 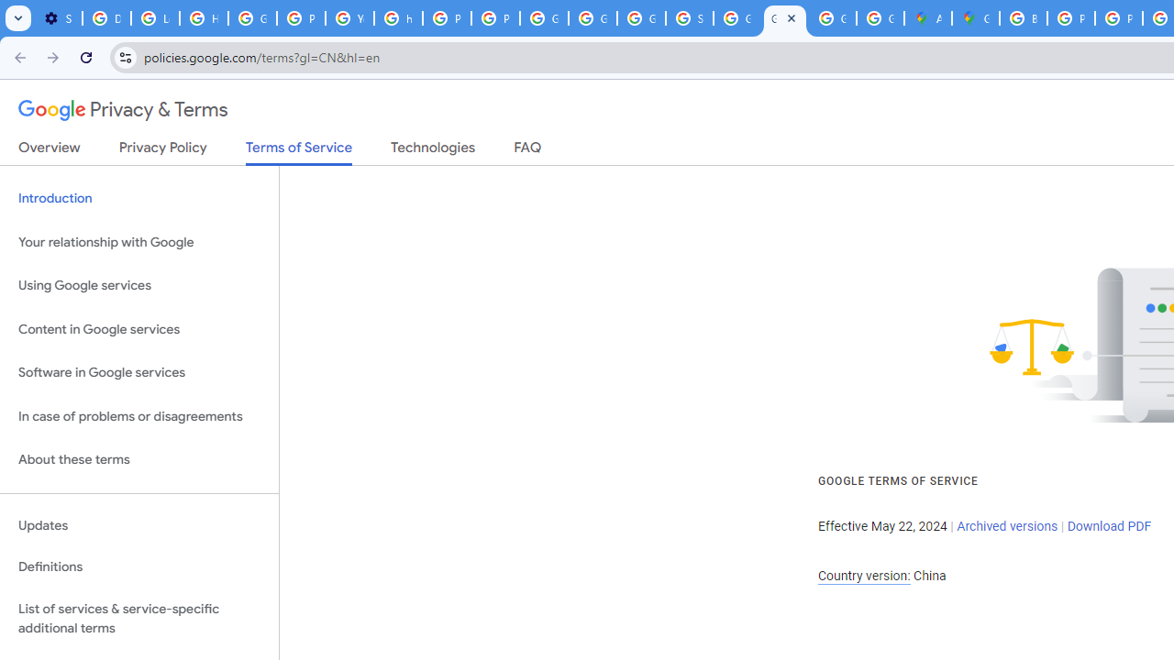 I want to click on 'Overview', so click(x=50, y=150).